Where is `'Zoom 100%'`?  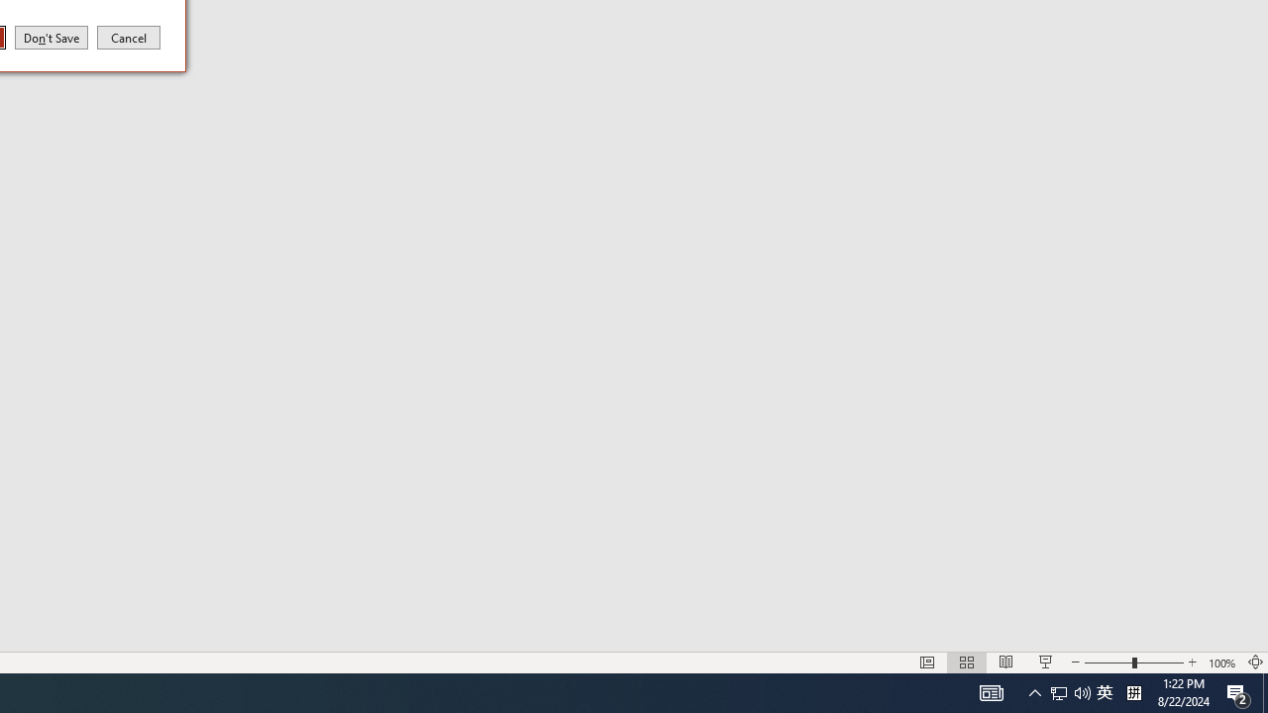
'Zoom 100%' is located at coordinates (1221, 662).